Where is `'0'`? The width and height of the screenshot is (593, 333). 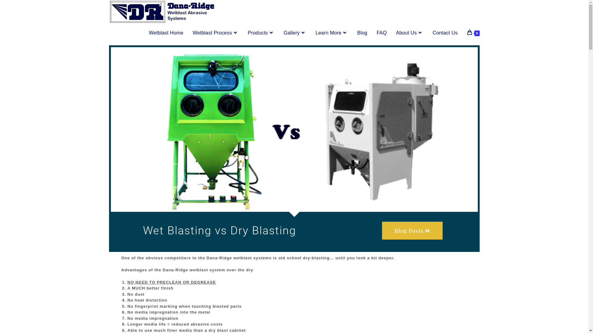
'0' is located at coordinates (462, 33).